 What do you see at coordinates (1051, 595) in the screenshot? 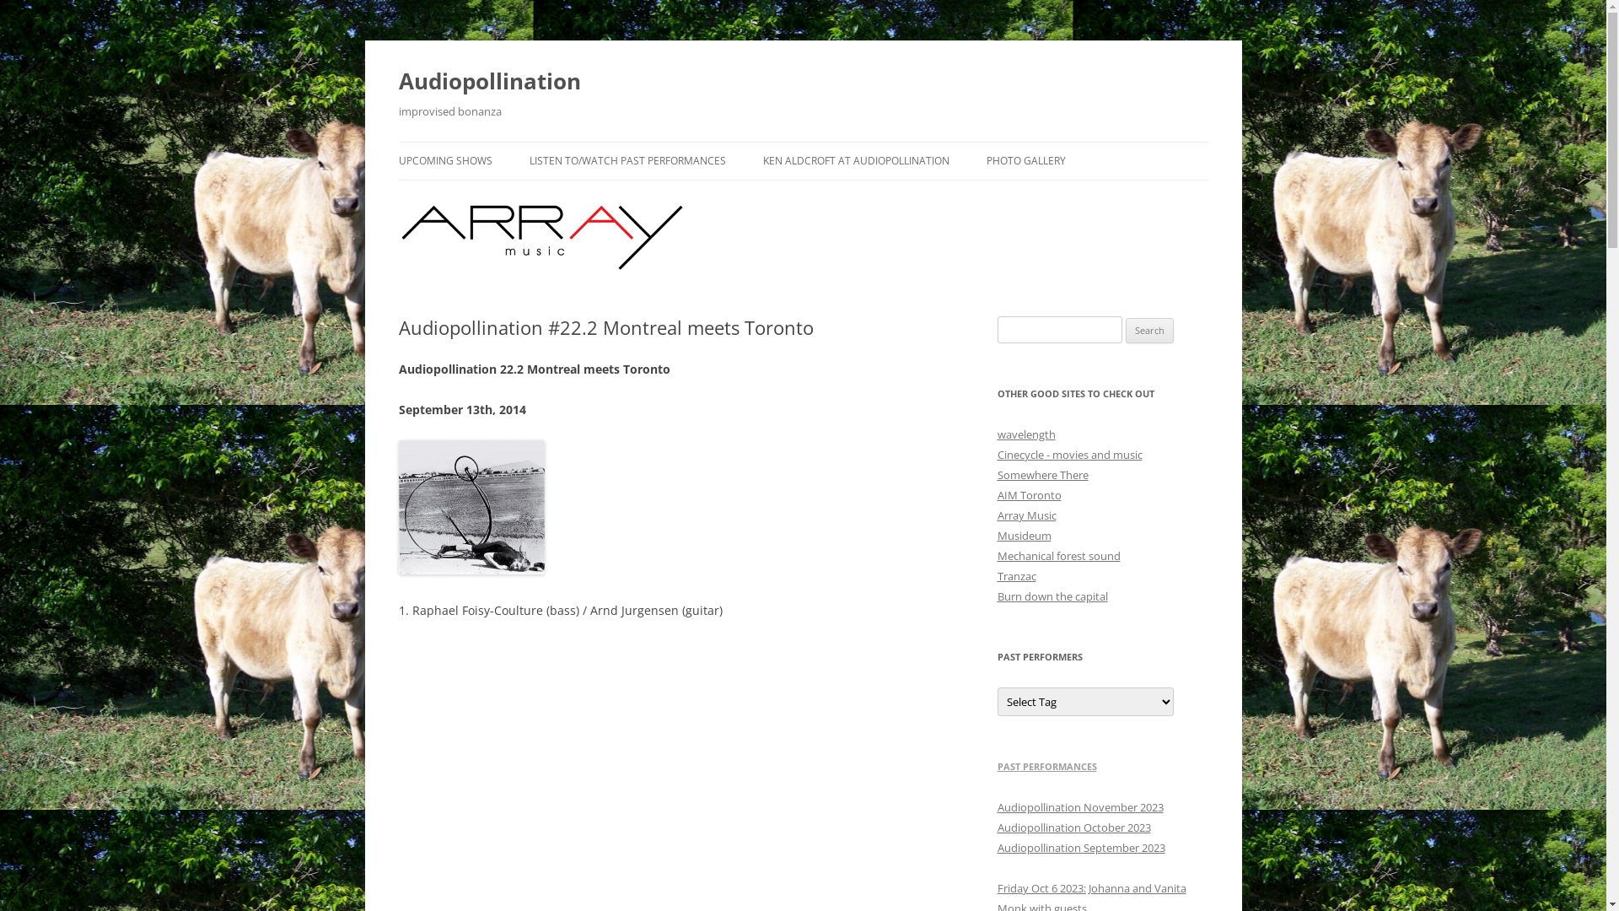
I see `'Burn down the capital'` at bounding box center [1051, 595].